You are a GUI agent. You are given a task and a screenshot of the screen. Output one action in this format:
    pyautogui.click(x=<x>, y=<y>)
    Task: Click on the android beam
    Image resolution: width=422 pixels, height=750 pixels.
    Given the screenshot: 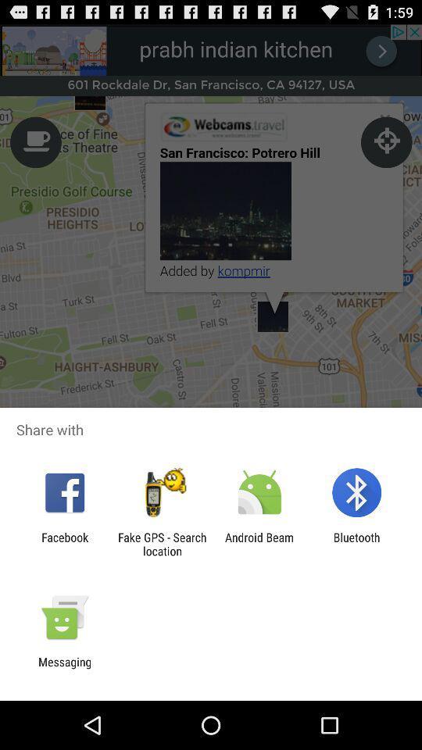 What is the action you would take?
    pyautogui.click(x=259, y=544)
    